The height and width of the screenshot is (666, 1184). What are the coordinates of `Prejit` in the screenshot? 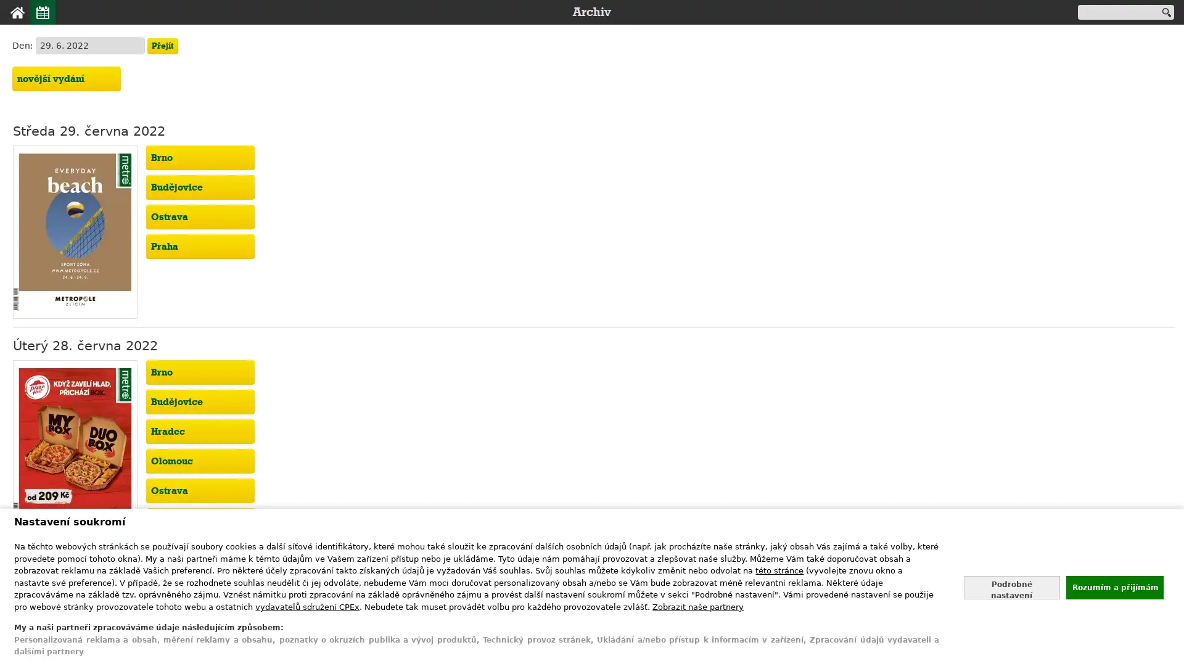 It's located at (162, 45).